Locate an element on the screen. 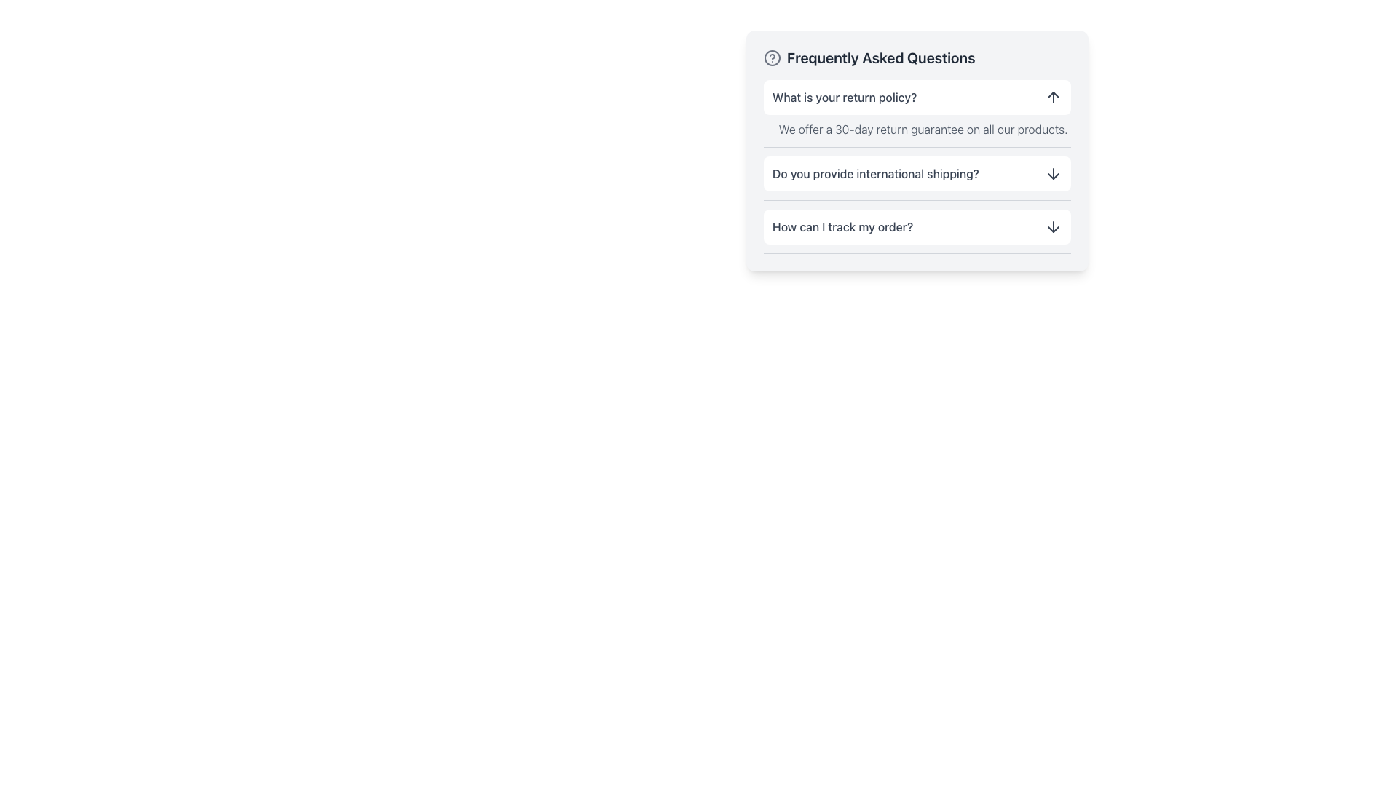 This screenshot has height=786, width=1398. the Collapsible Panel Header in the FAQ section is located at coordinates (916, 173).